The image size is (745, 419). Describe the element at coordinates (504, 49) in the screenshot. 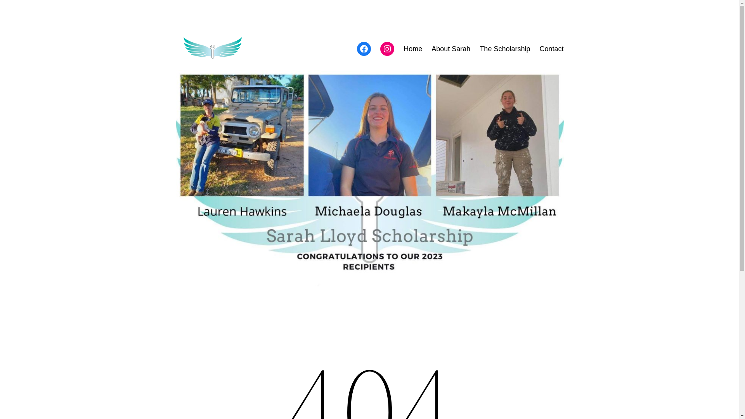

I see `'The Scholarship'` at that location.